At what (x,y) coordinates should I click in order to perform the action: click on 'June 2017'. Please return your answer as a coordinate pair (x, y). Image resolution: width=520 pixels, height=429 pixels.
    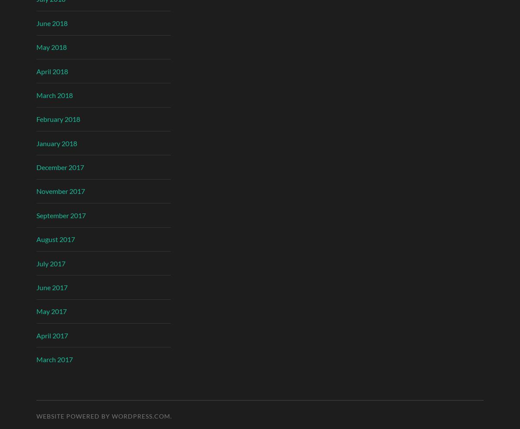
    Looking at the image, I should click on (52, 286).